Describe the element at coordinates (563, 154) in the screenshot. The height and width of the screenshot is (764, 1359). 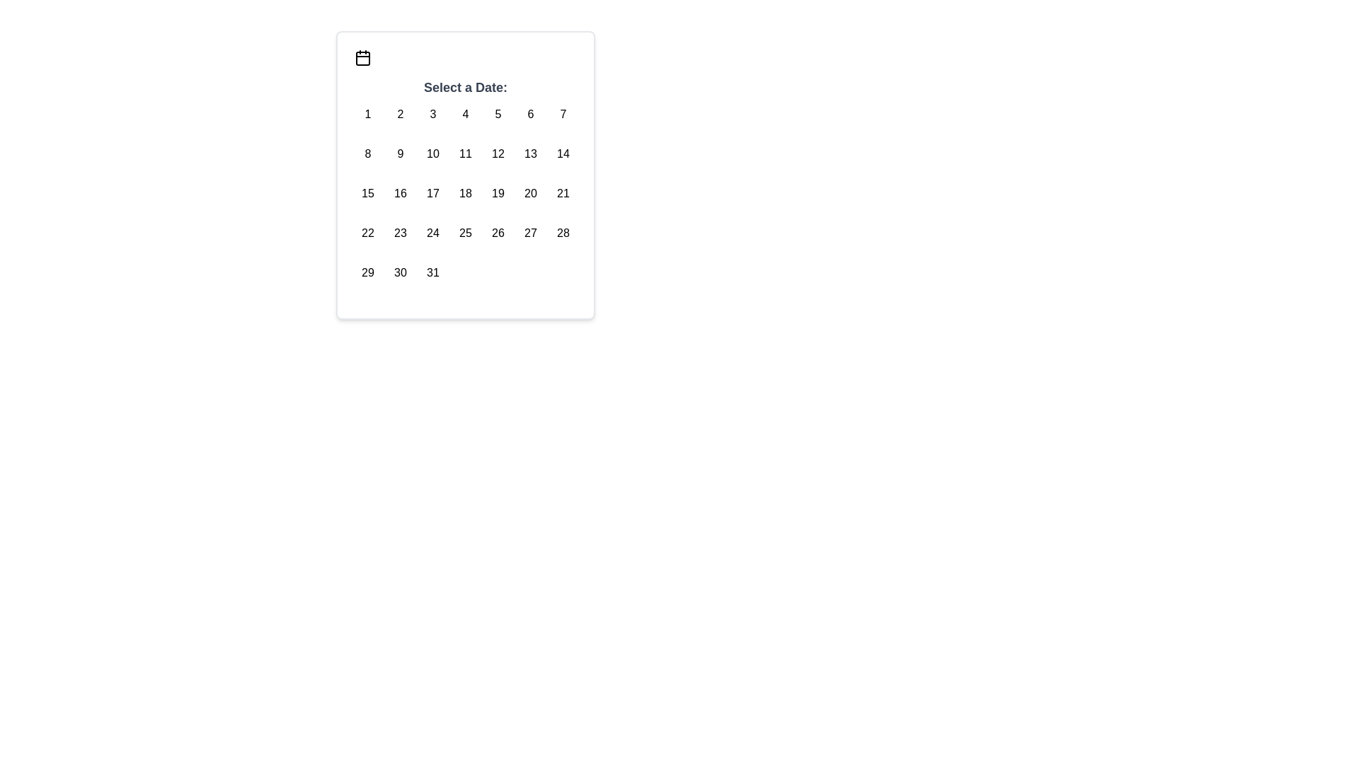
I see `the button displaying the rounded number '14' in the date picker interface` at that location.